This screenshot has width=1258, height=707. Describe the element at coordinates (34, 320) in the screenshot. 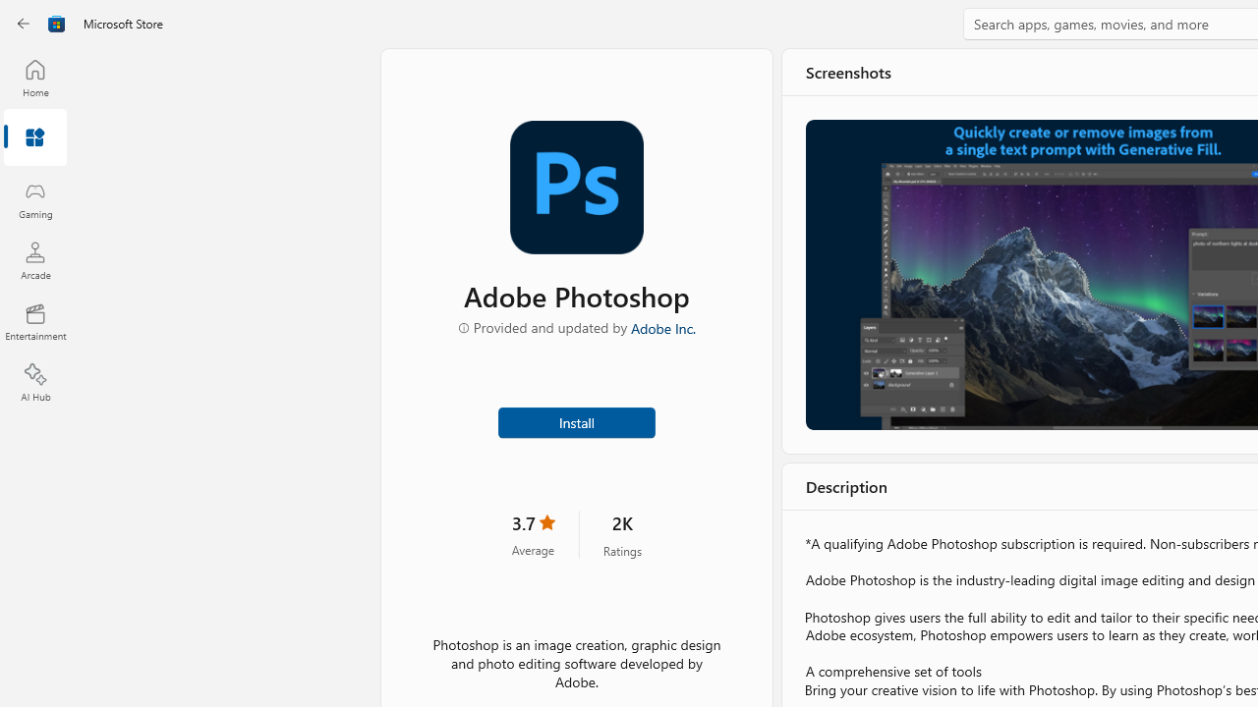

I see `'Entertainment'` at that location.